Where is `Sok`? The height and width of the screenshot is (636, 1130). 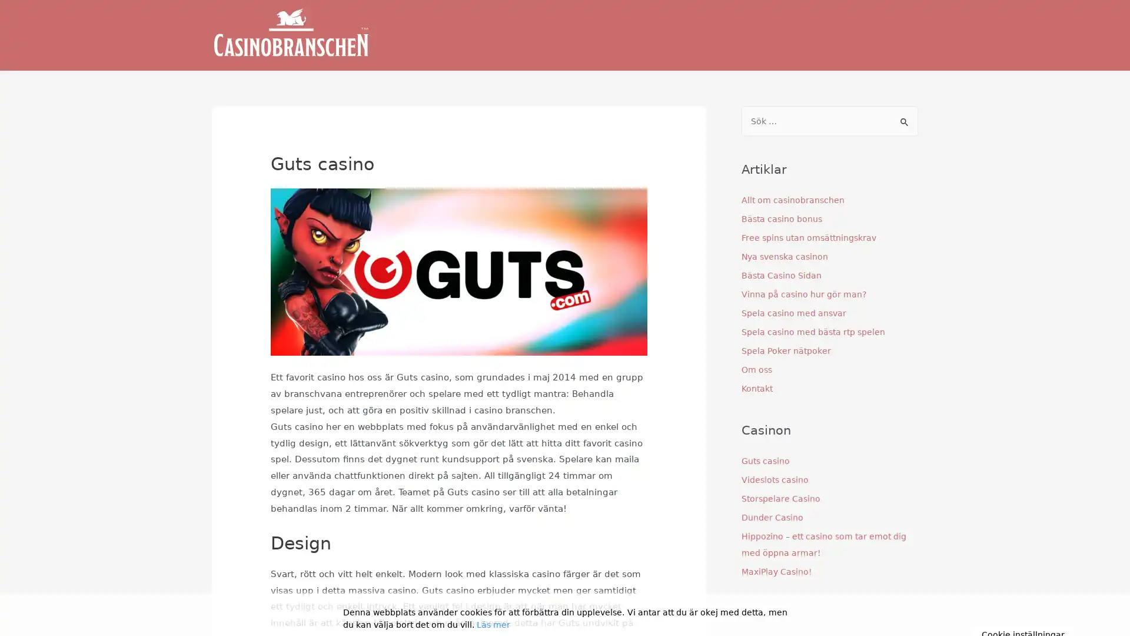 Sok is located at coordinates (904, 118).